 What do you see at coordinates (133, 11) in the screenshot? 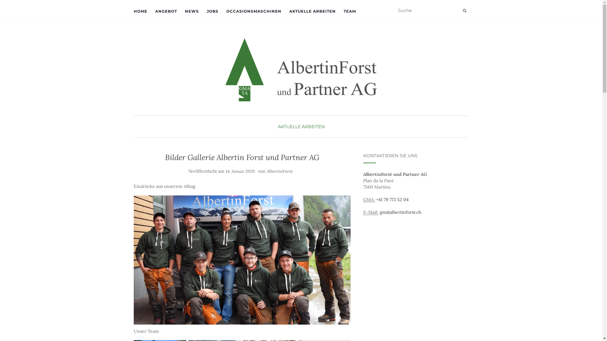
I see `'HOME'` at bounding box center [133, 11].